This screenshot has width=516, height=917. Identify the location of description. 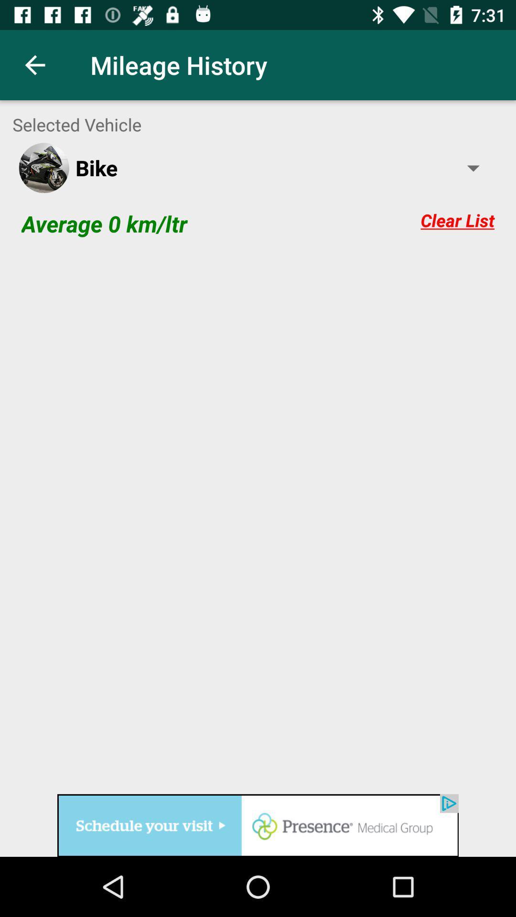
(258, 520).